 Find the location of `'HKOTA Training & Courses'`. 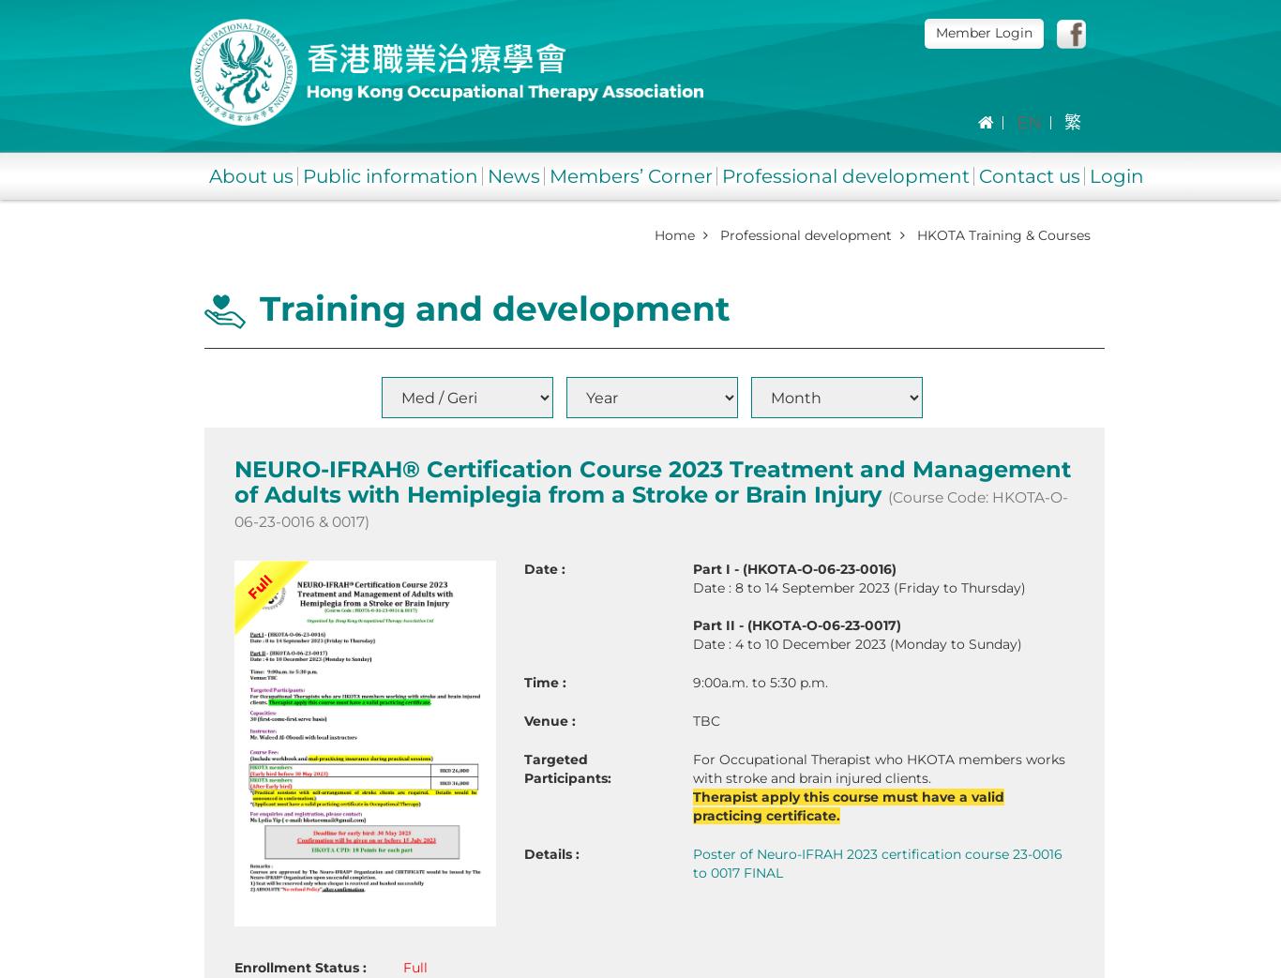

'HKOTA Training & Courses' is located at coordinates (1002, 234).